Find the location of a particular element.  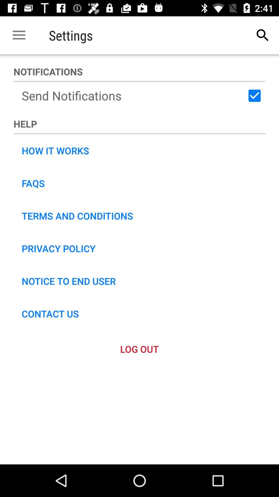

icon above the privacy policy icon is located at coordinates (77, 216).